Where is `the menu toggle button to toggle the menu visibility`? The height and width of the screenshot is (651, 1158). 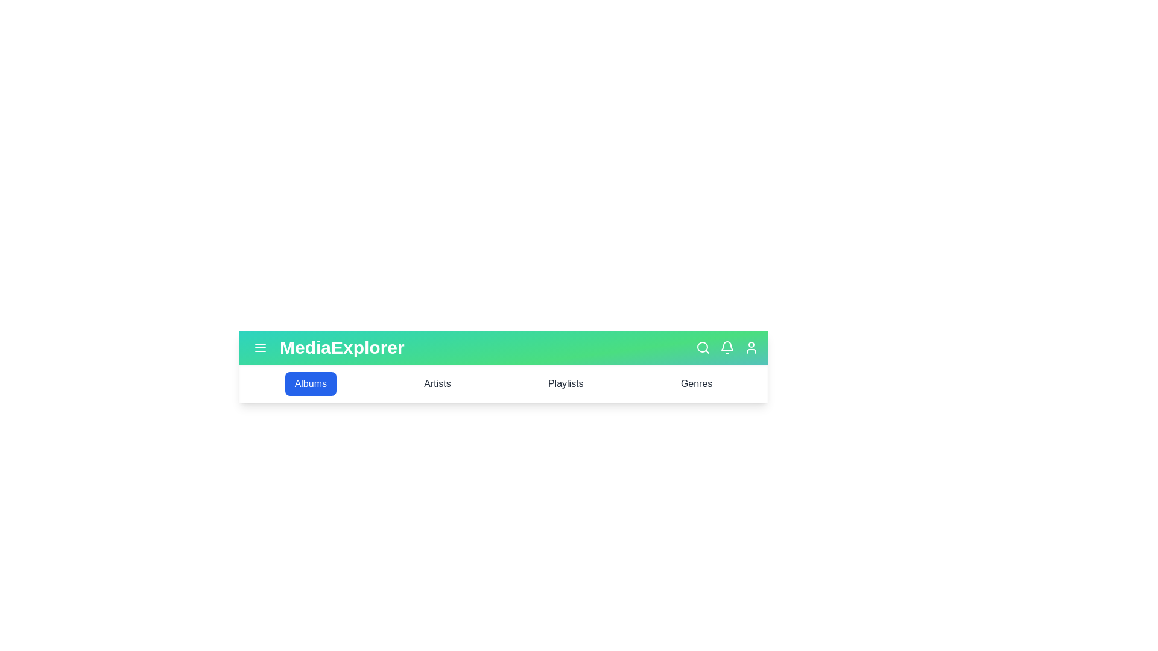
the menu toggle button to toggle the menu visibility is located at coordinates (260, 348).